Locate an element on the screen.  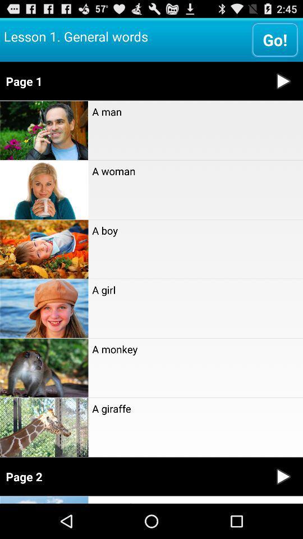
the a boy icon is located at coordinates (195, 230).